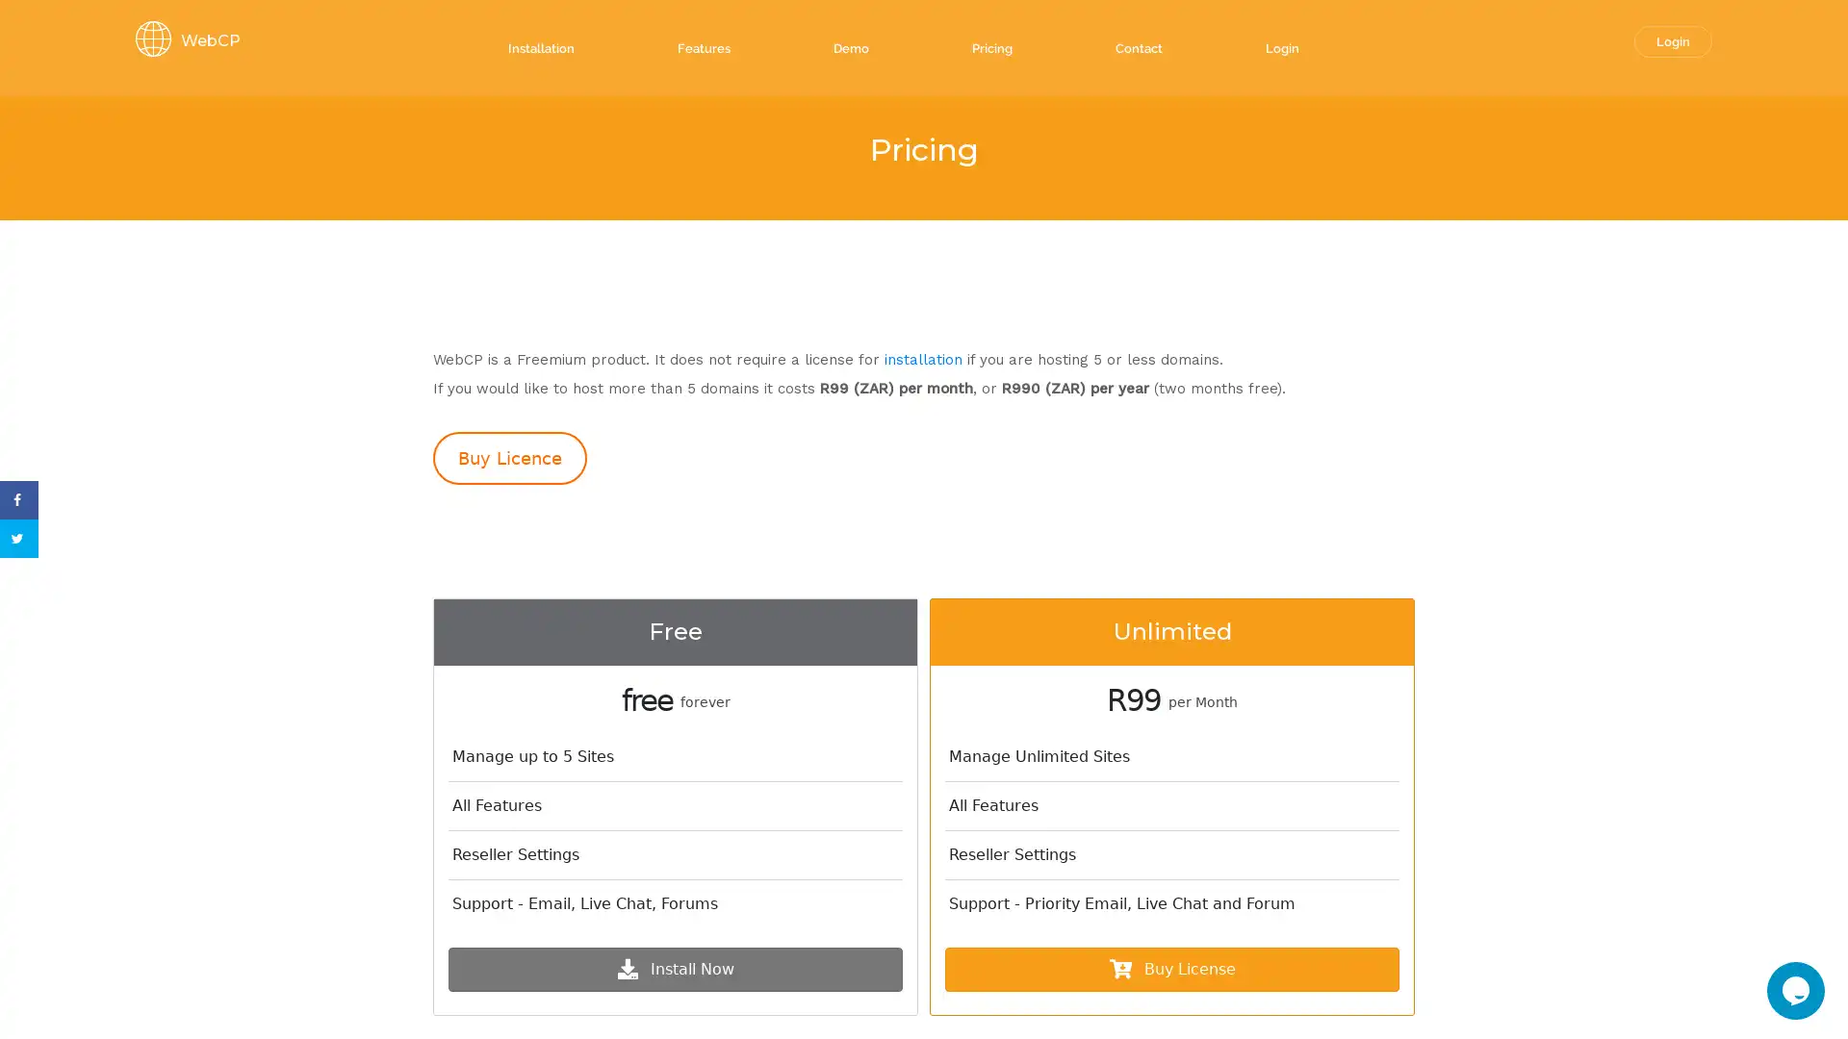 The image size is (1848, 1039). I want to click on Install Now, so click(675, 969).